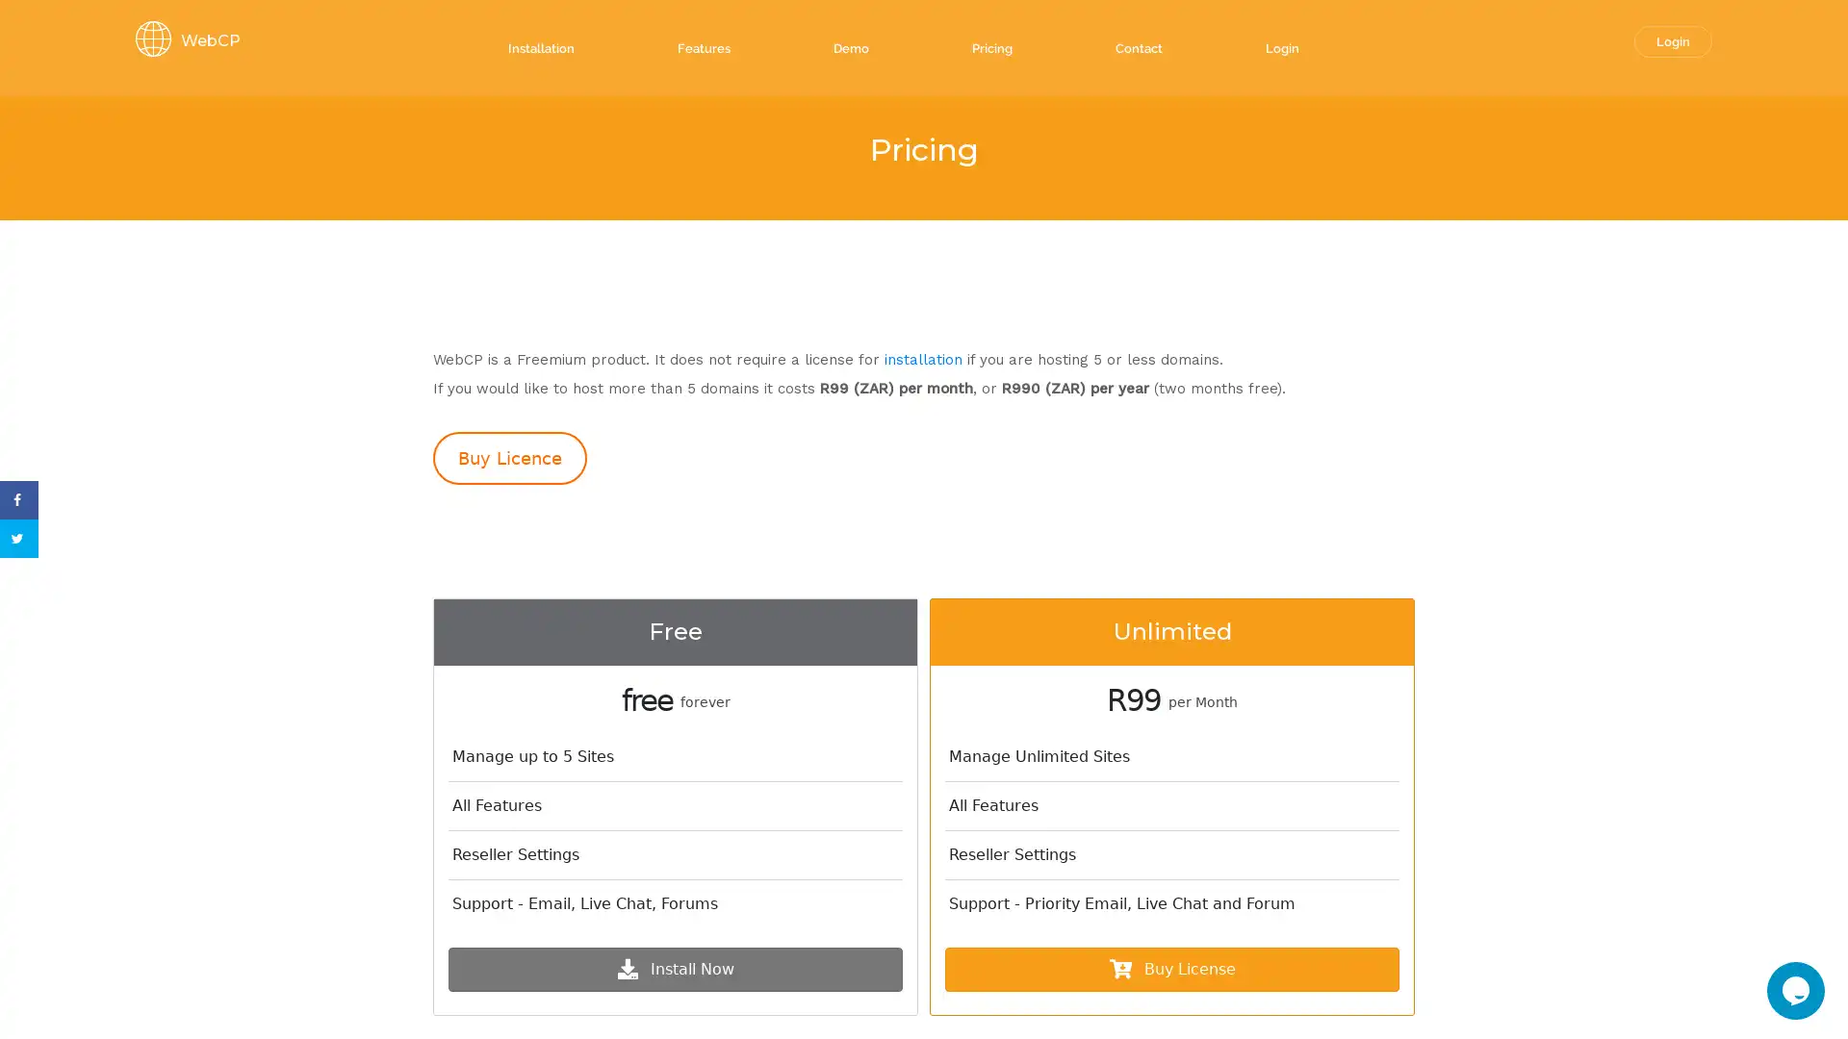 The image size is (1848, 1039). I want to click on Install Now, so click(675, 969).